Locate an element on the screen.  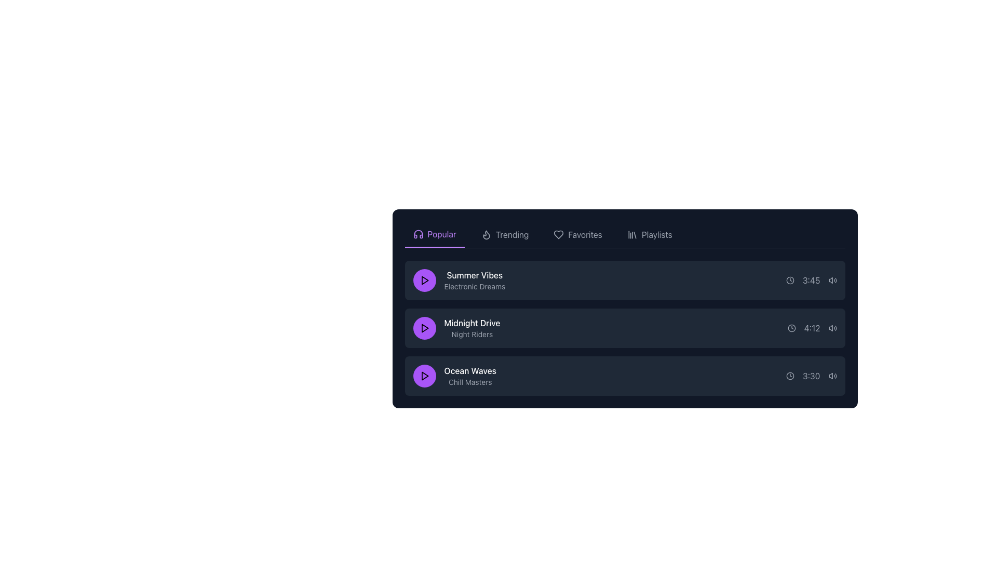
the 'Popular' icon located to the left of the 'Popular' text in the tab header is located at coordinates (418, 234).